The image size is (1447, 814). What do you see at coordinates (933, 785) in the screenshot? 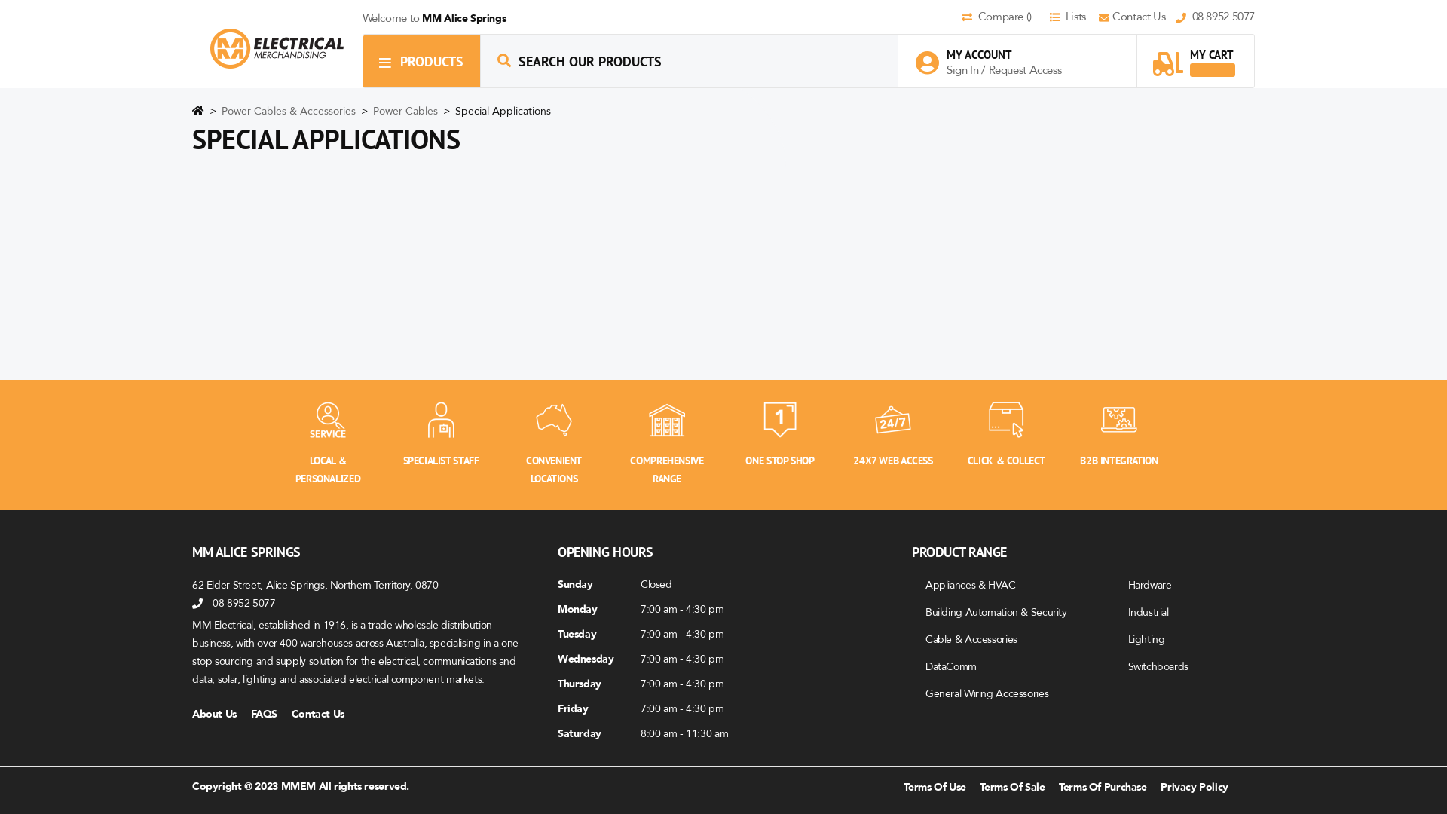
I see `'Terms Of Use'` at bounding box center [933, 785].